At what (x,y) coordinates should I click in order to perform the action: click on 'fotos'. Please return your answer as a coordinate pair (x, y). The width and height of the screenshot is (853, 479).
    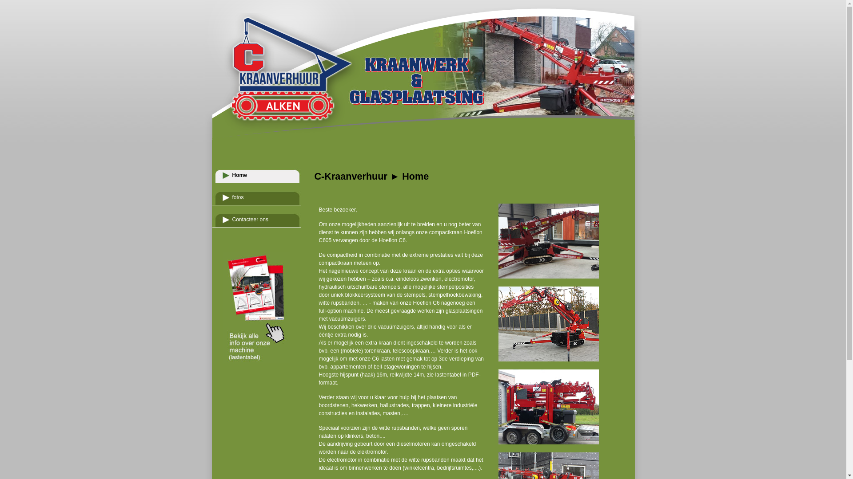
    Looking at the image, I should click on (256, 197).